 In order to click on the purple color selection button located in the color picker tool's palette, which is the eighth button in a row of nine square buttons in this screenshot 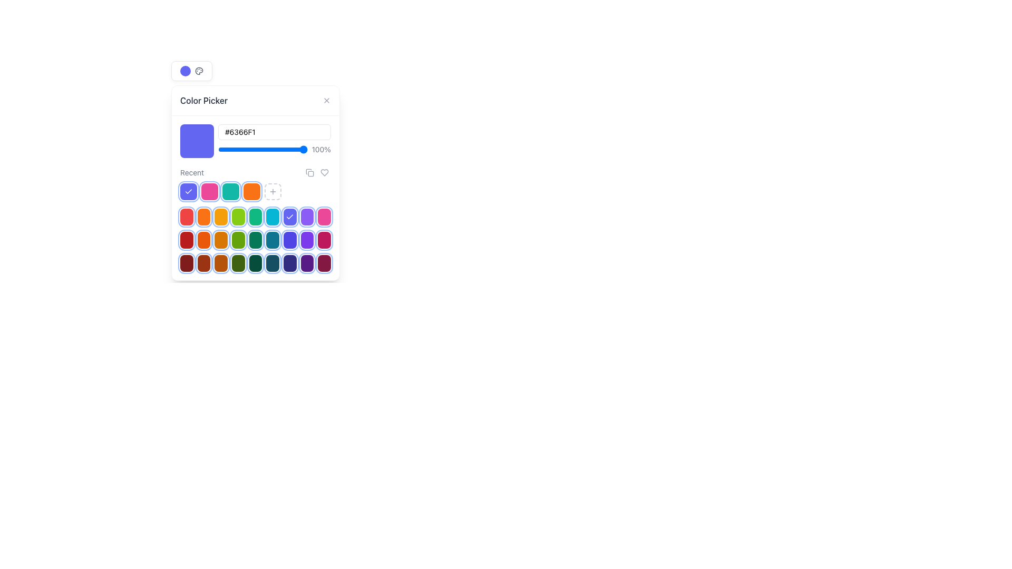, I will do `click(307, 263)`.